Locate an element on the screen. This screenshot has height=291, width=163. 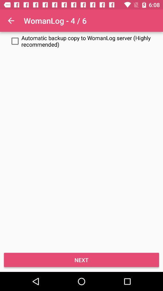
automatic backup copy is located at coordinates (81, 41).